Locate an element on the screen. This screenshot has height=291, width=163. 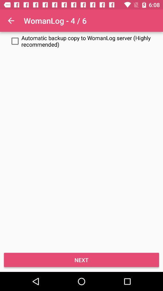
automatic backup copy is located at coordinates (81, 41).